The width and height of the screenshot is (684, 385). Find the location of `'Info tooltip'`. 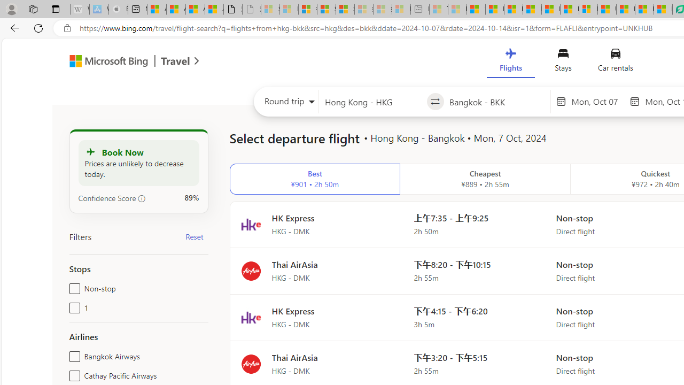

'Info tooltip' is located at coordinates (141, 198).